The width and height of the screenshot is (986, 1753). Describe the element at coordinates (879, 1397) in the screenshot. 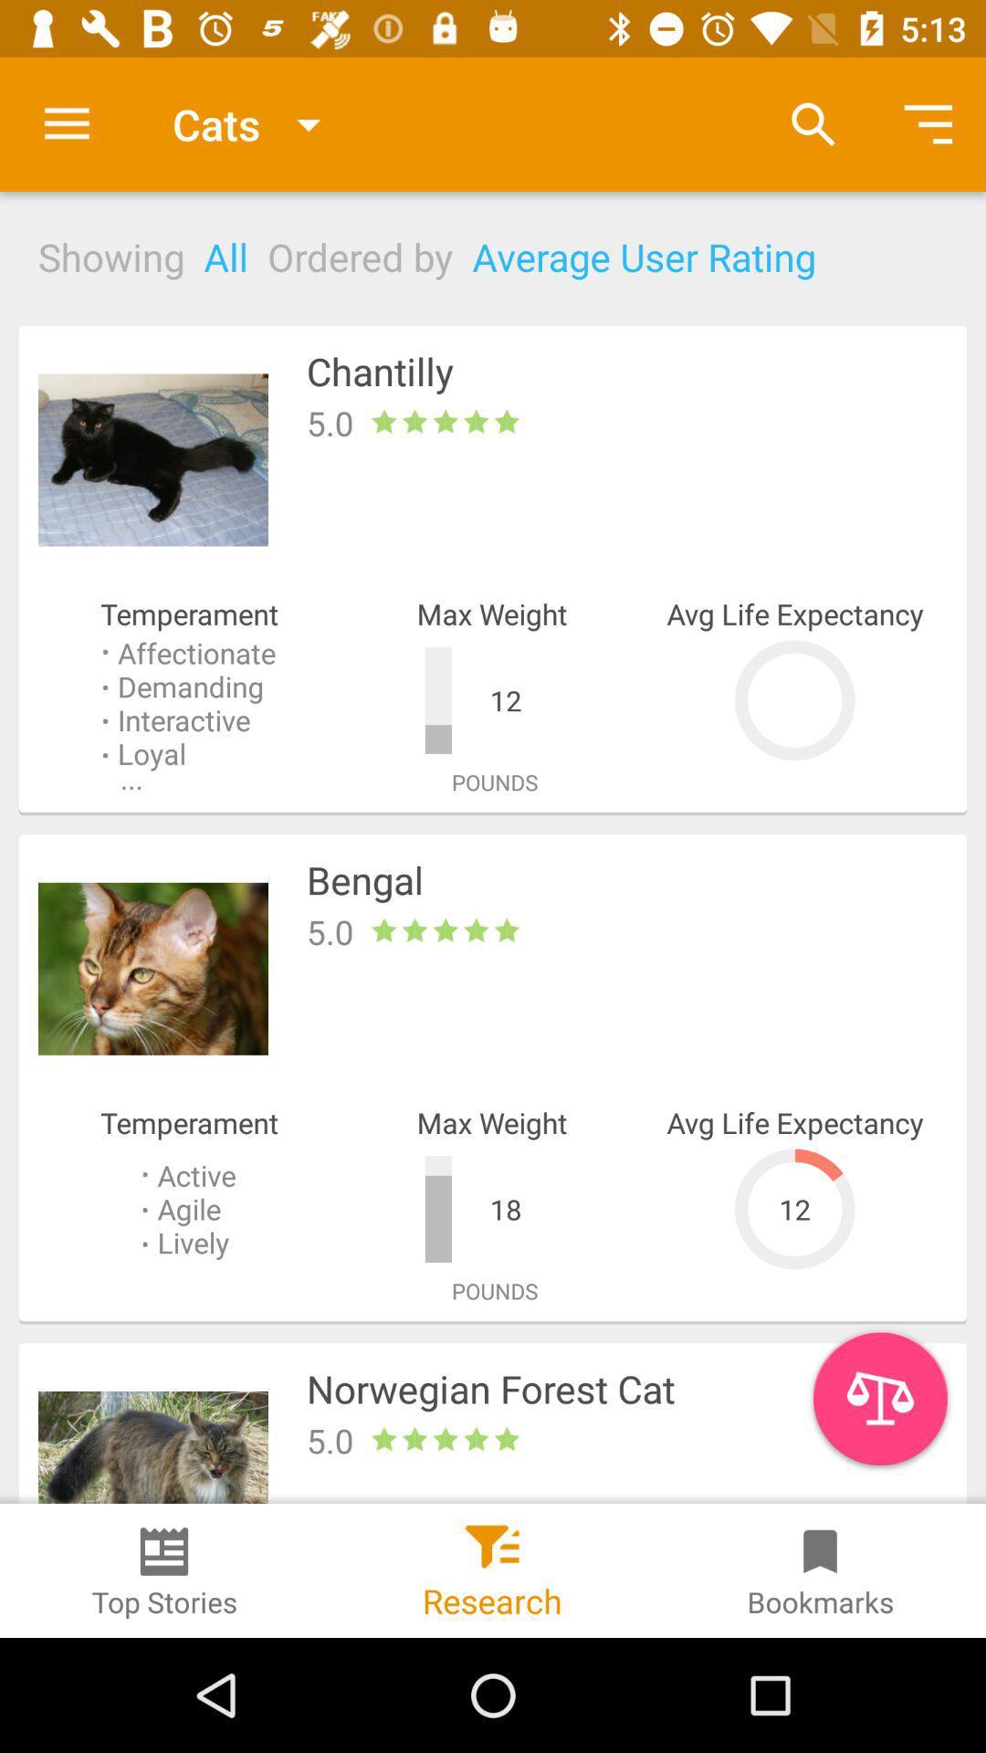

I see `the pink colour icon above bookmarks` at that location.